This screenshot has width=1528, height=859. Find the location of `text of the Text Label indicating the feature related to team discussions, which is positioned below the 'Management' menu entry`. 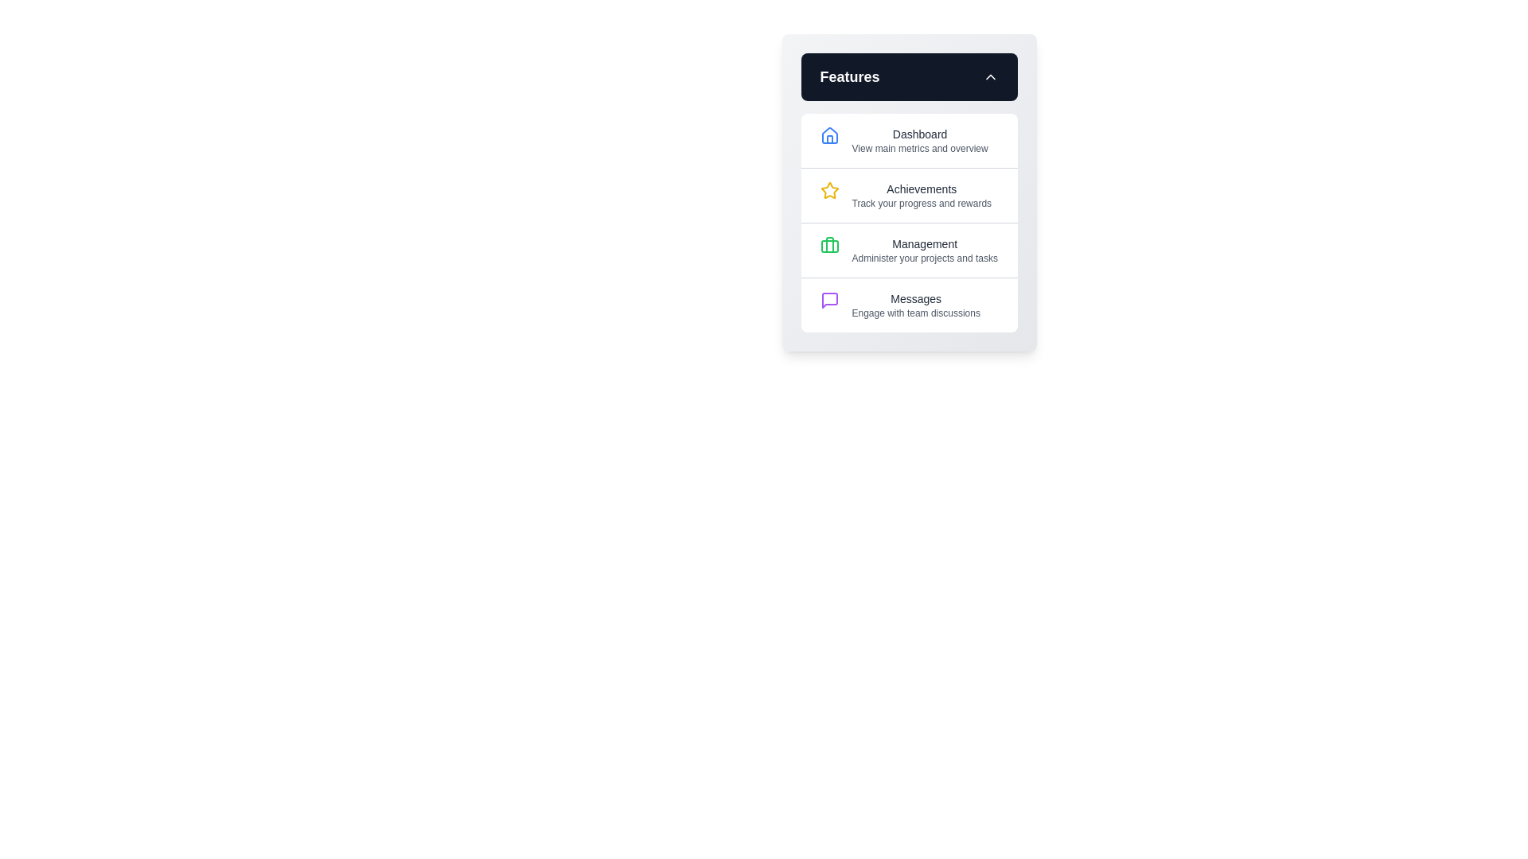

text of the Text Label indicating the feature related to team discussions, which is positioned below the 'Management' menu entry is located at coordinates (916, 298).